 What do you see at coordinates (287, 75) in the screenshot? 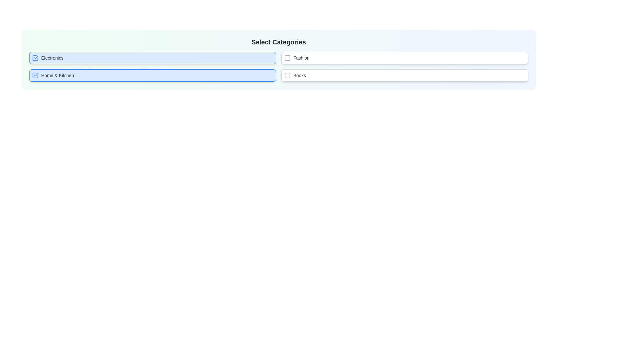
I see `to select the checkbox located to the immediate left of the text 'Books' in the far-right column under the 'Fashion' row` at bounding box center [287, 75].